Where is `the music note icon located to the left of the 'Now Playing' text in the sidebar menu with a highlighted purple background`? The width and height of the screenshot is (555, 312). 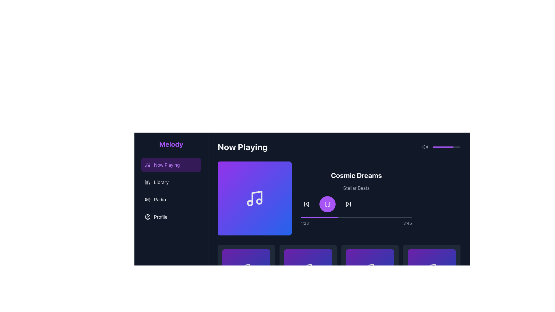
the music note icon located to the left of the 'Now Playing' text in the sidebar menu with a highlighted purple background is located at coordinates (147, 165).